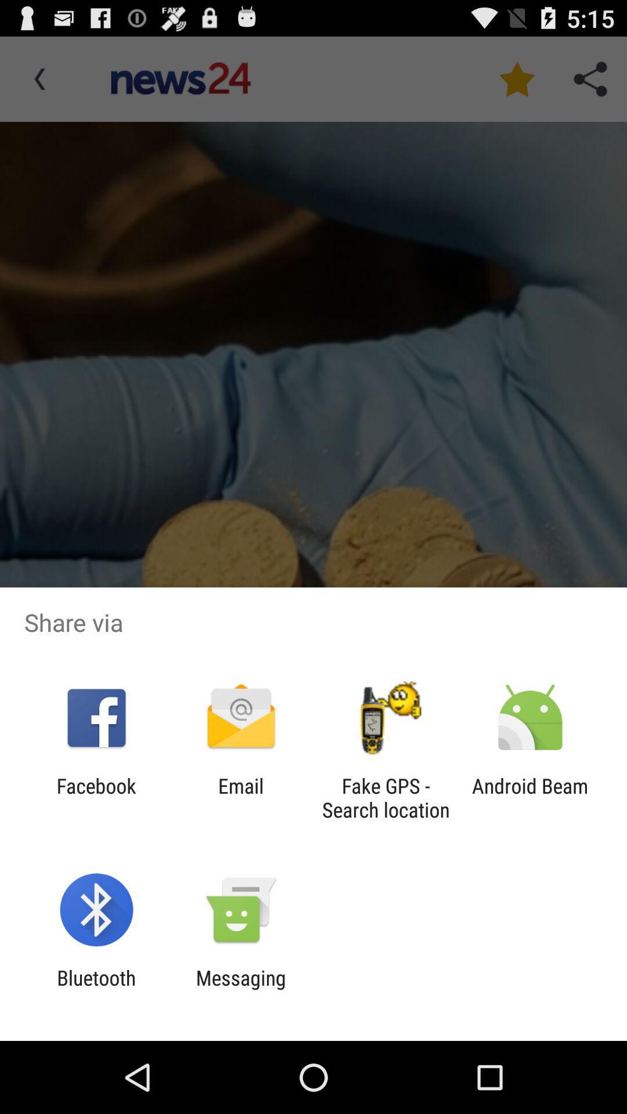 The image size is (627, 1114). Describe the element at coordinates (96, 989) in the screenshot. I see `item next to the messaging app` at that location.